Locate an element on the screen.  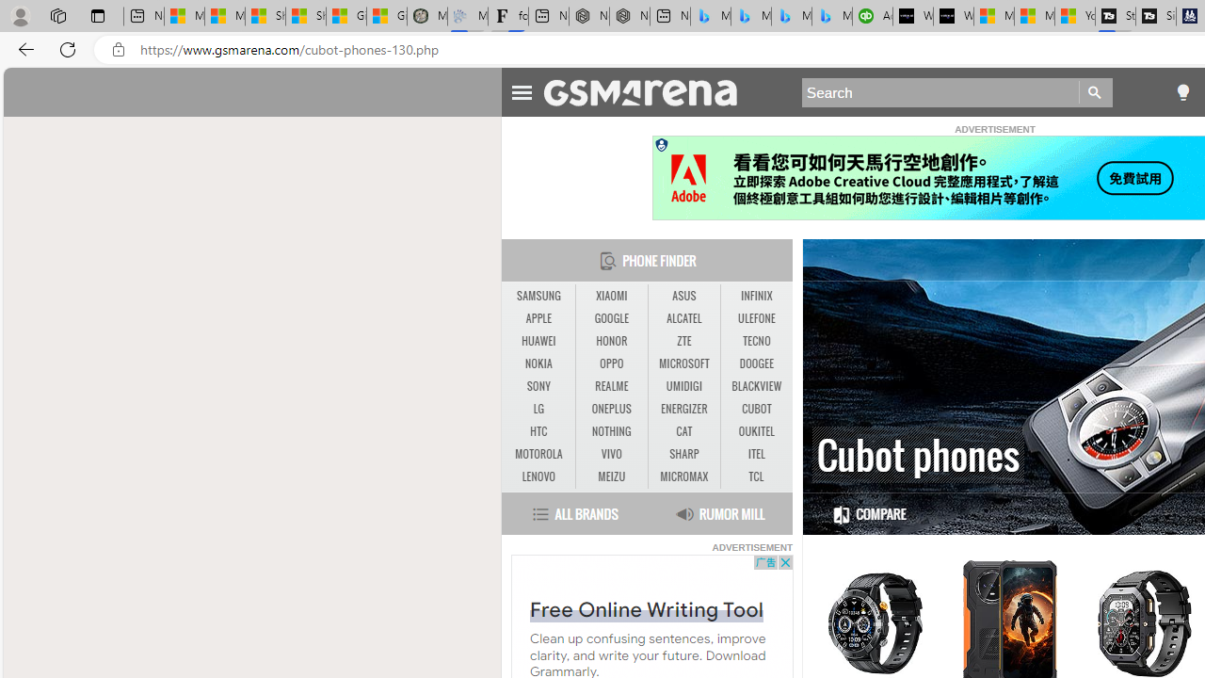
'LENOVO' is located at coordinates (538, 476).